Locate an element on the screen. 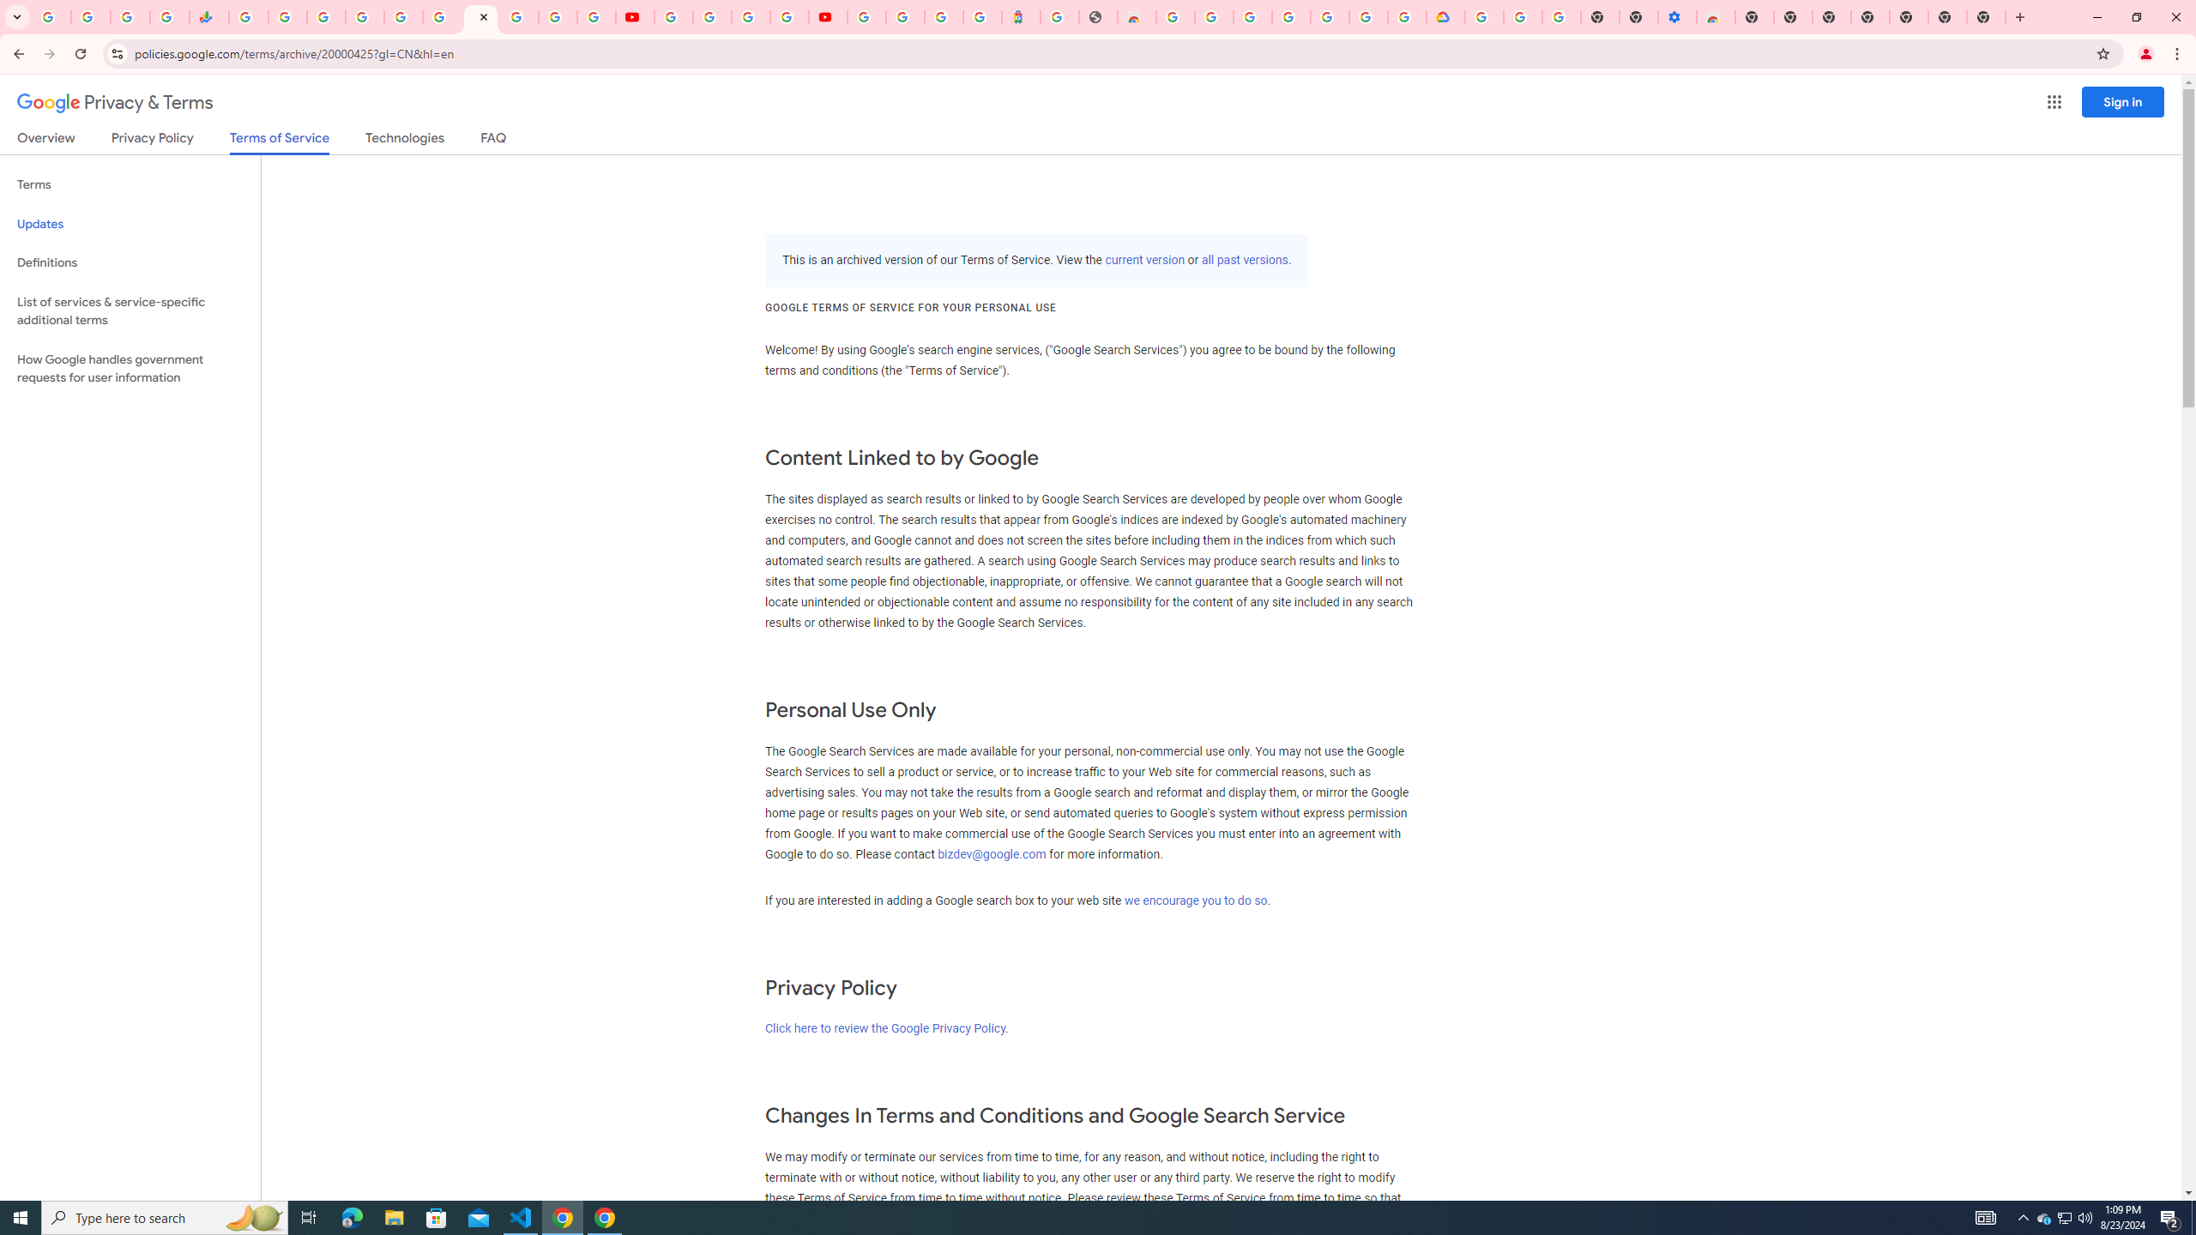 The height and width of the screenshot is (1235, 2196). 'Chrome Web Store - Household' is located at coordinates (1136, 16).